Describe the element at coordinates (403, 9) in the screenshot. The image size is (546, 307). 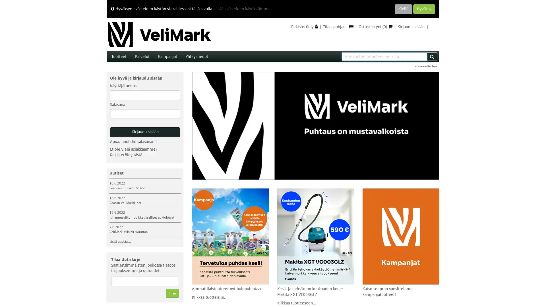
I see `Kiella` at that location.